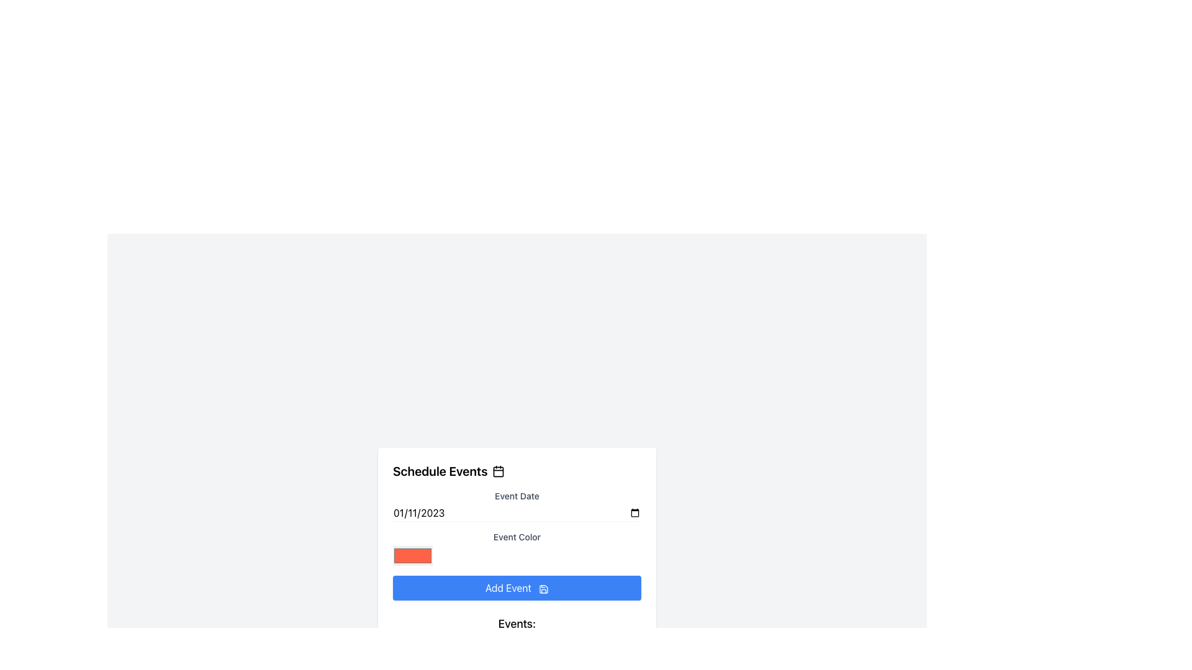 Image resolution: width=1192 pixels, height=670 pixels. What do you see at coordinates (413, 555) in the screenshot?
I see `the Color Picker element located in the 'Event Color' section, beneath the label 'Event Color'` at bounding box center [413, 555].